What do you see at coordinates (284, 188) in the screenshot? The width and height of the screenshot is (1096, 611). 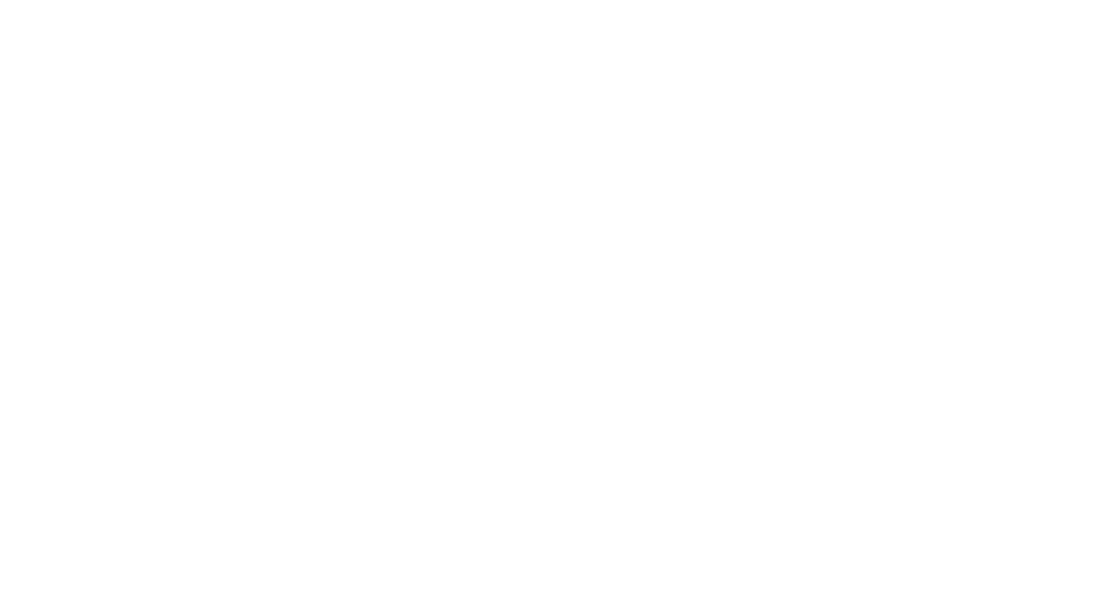 I see `'Lovelace Hospital.'` at bounding box center [284, 188].